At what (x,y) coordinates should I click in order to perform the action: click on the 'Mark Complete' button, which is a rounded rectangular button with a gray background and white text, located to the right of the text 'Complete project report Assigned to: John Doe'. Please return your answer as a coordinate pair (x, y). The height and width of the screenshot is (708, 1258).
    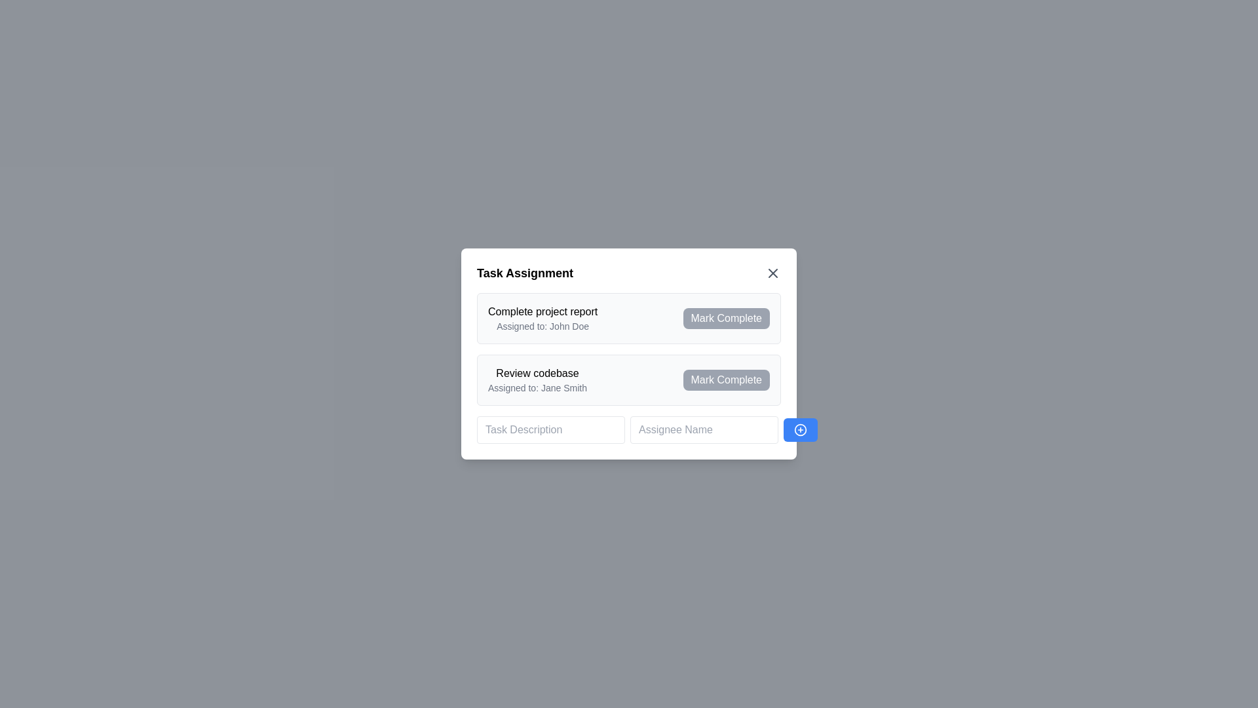
    Looking at the image, I should click on (725, 319).